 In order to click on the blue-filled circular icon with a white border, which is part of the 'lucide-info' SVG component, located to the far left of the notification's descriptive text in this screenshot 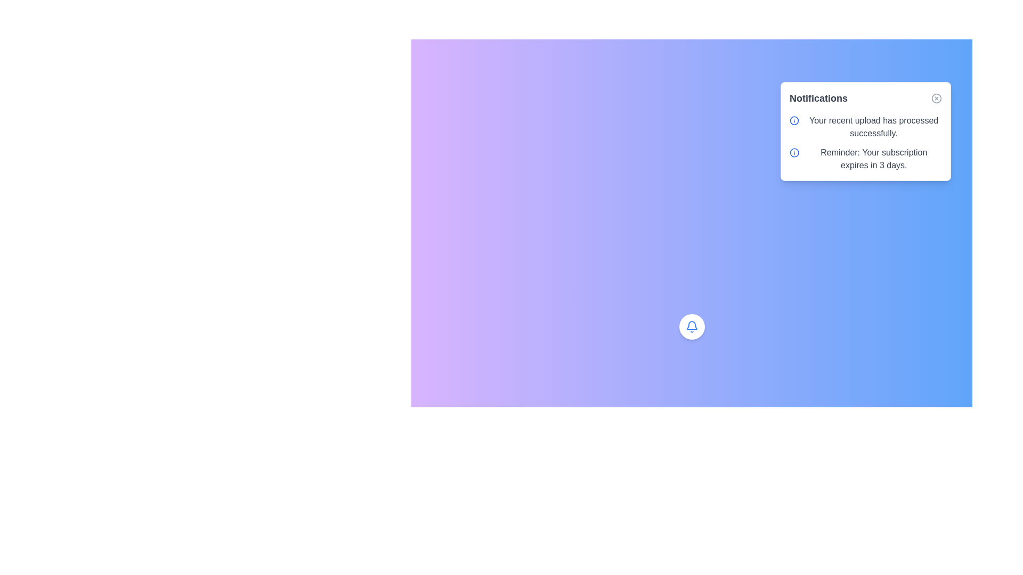, I will do `click(794, 152)`.